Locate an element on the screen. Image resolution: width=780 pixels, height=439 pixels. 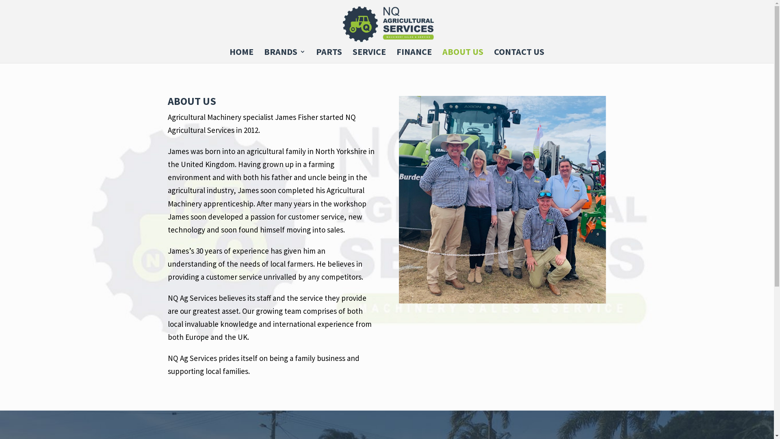
'PARTS' is located at coordinates (329, 55).